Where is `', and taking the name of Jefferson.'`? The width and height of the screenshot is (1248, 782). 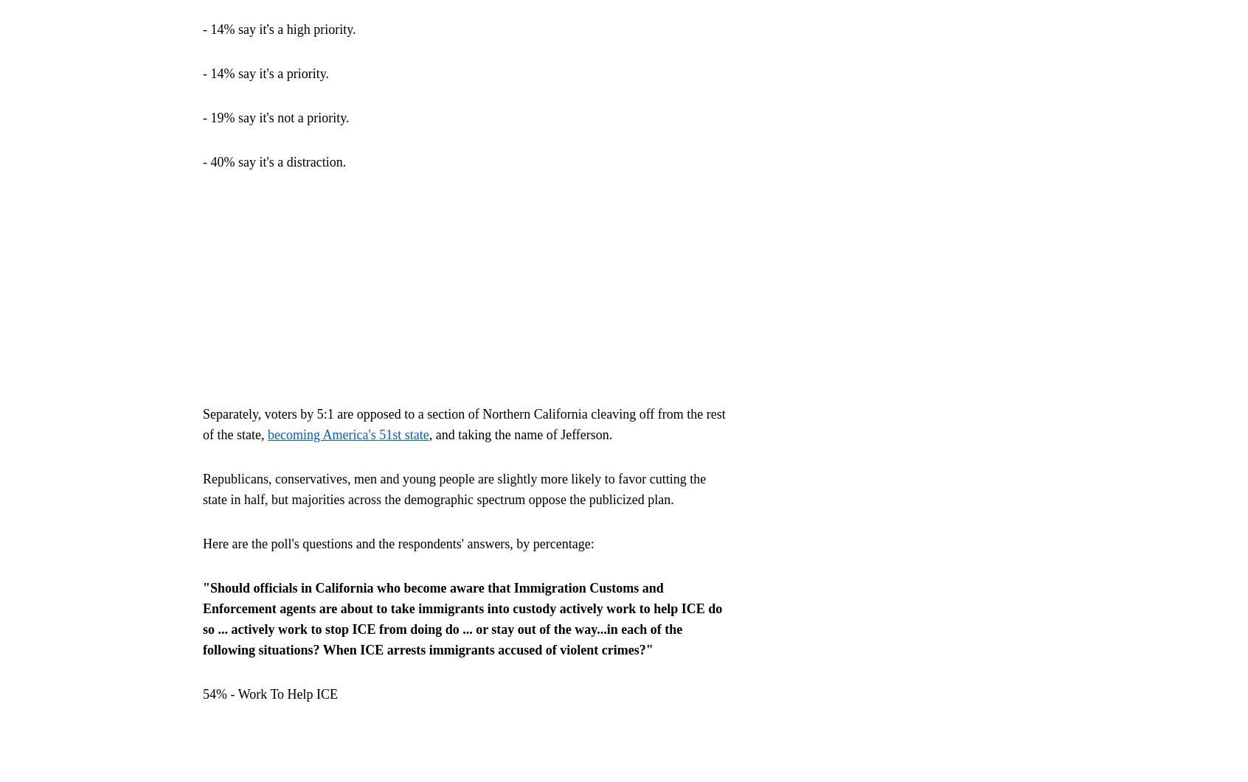
', and taking the name of Jefferson.' is located at coordinates (520, 433).